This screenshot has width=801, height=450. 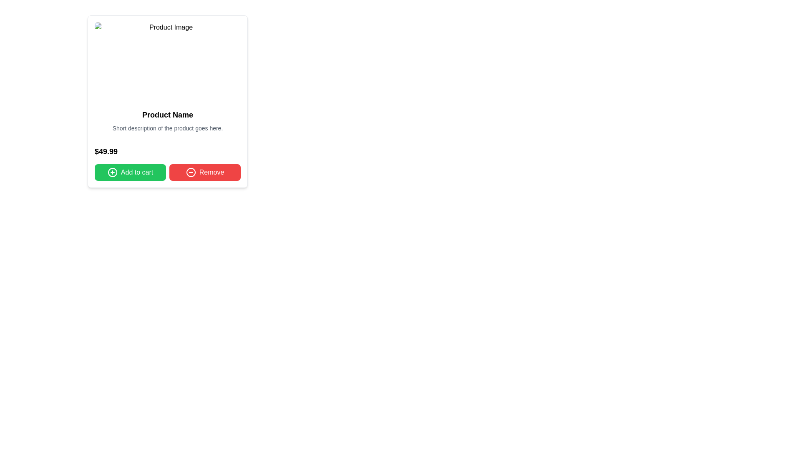 What do you see at coordinates (106, 151) in the screenshot?
I see `the price Text label displayed within the product card interface for accessibility purposes` at bounding box center [106, 151].